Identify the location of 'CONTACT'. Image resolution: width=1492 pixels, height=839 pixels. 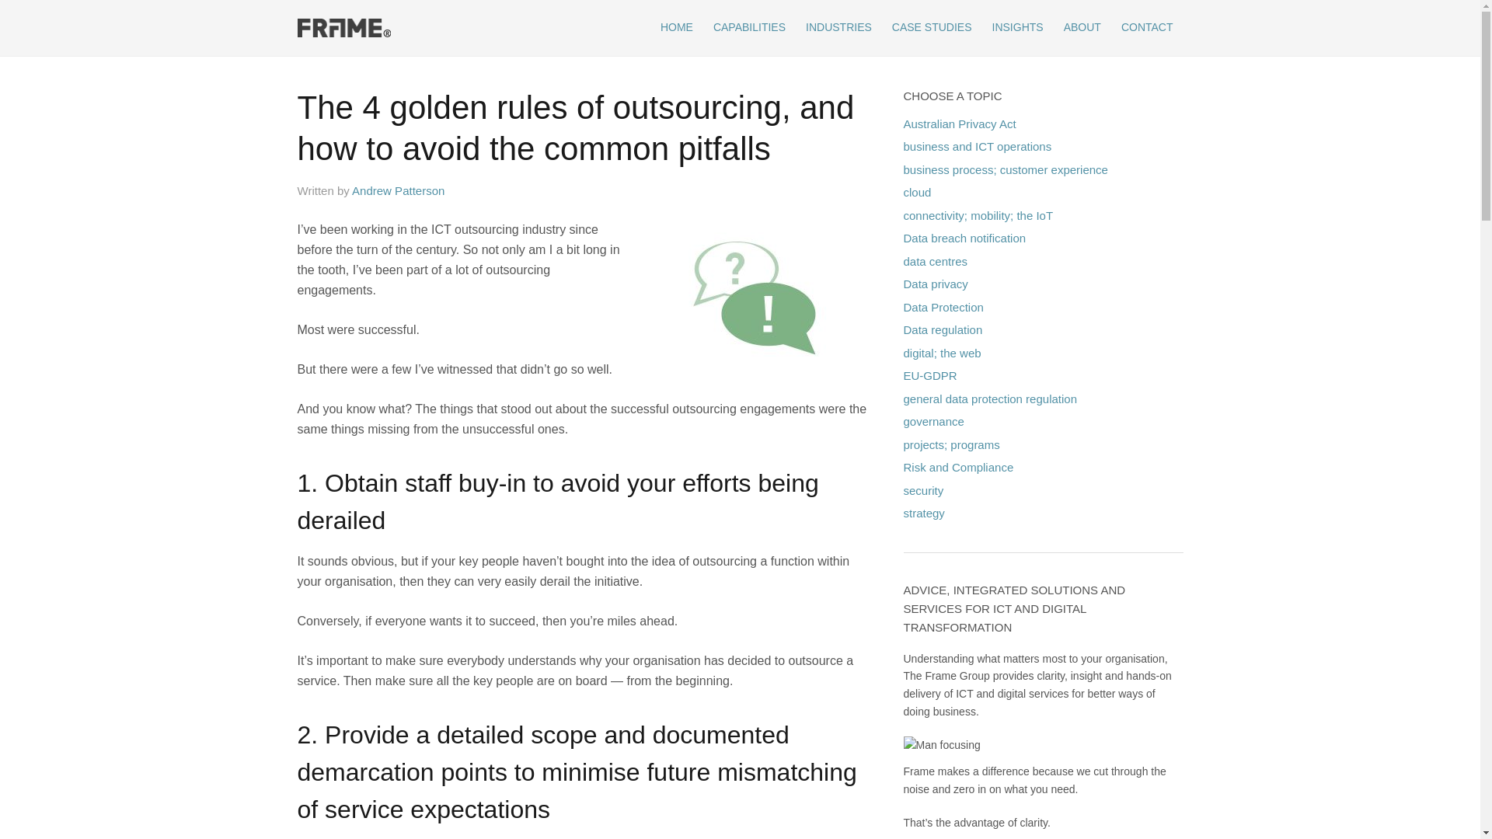
(1147, 26).